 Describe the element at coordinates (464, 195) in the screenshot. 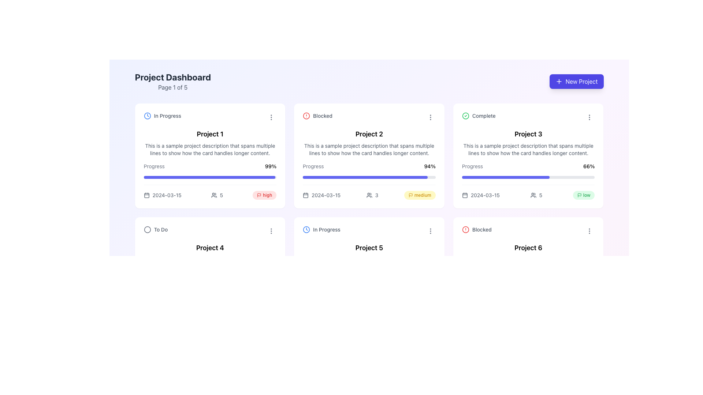

I see `calendar icon located at the top left of the '2024-03-15' date label in the 'Complete' project card` at that location.